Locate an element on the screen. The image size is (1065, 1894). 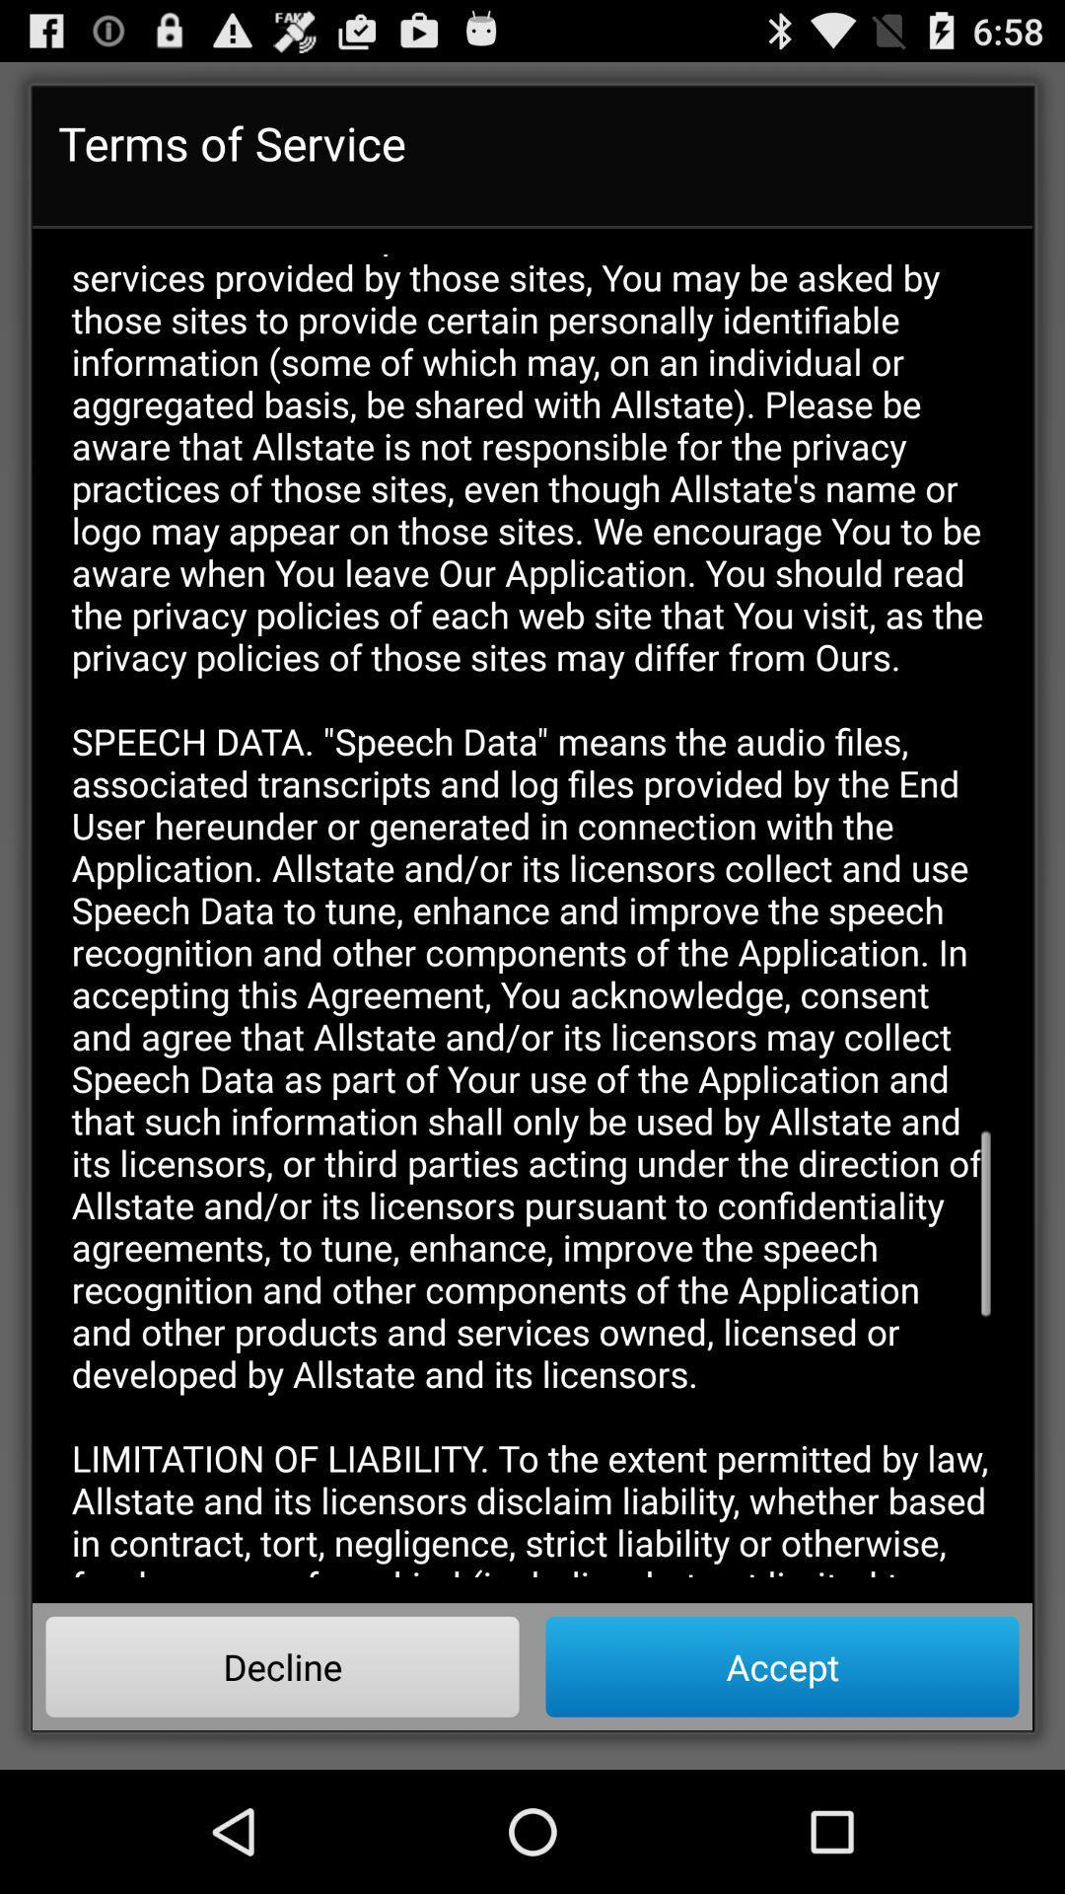
the item next to the decline icon is located at coordinates (781, 1665).